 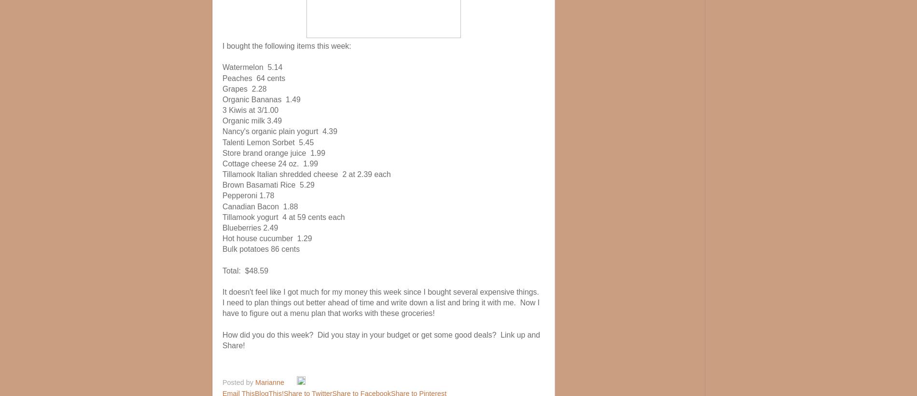 I want to click on 'Brown Basamati Rice  5.29', so click(x=268, y=184).